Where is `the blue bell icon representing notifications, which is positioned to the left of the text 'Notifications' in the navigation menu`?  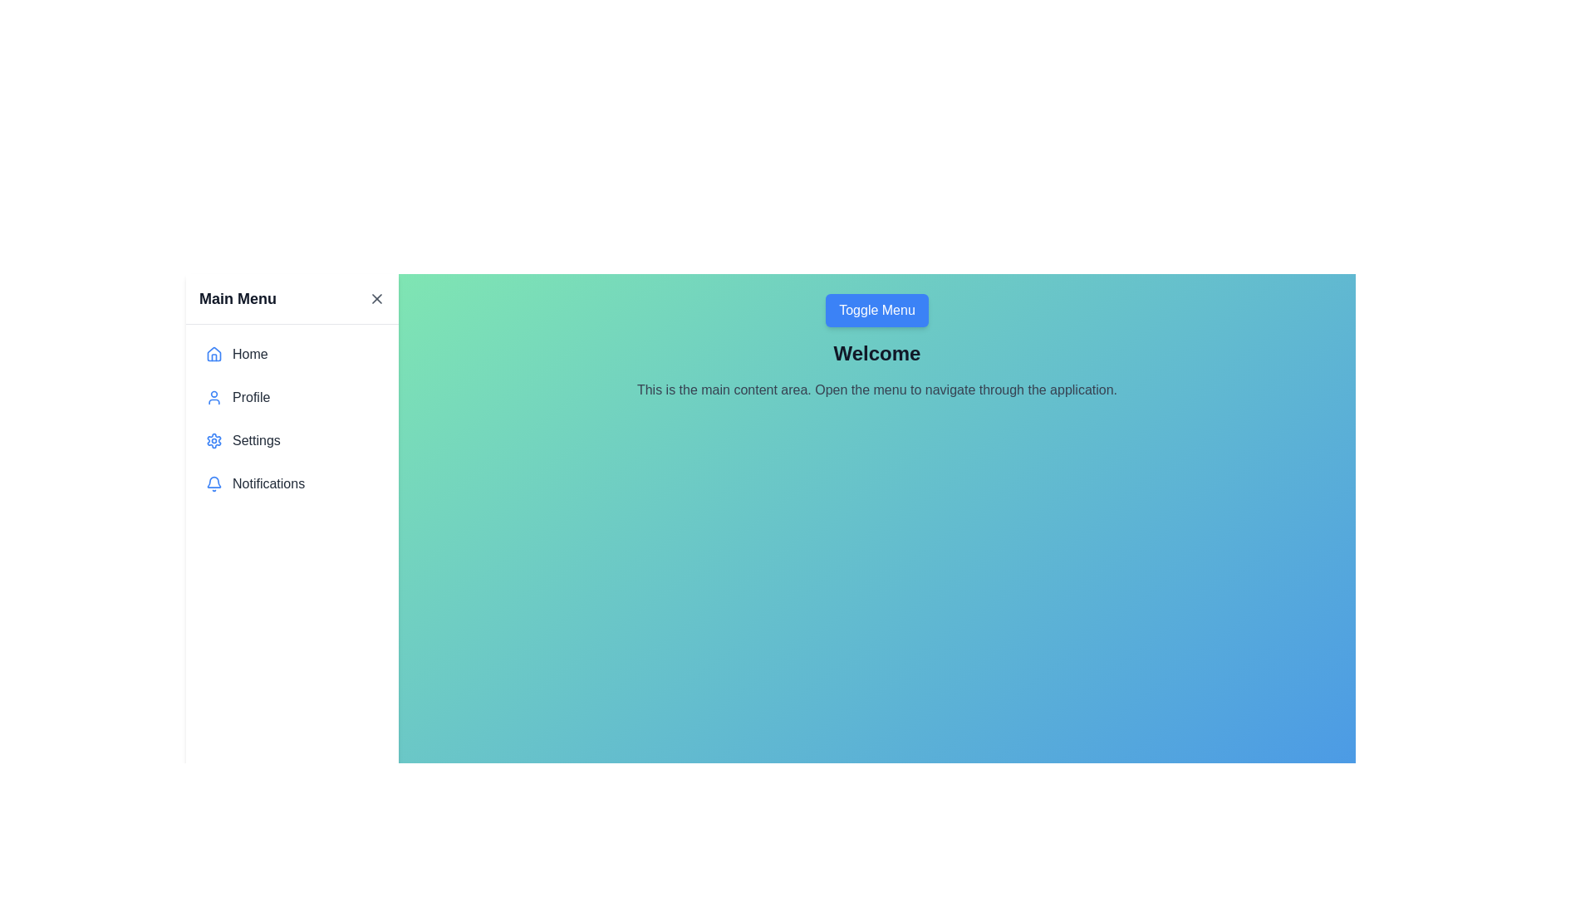 the blue bell icon representing notifications, which is positioned to the left of the text 'Notifications' in the navigation menu is located at coordinates (213, 483).